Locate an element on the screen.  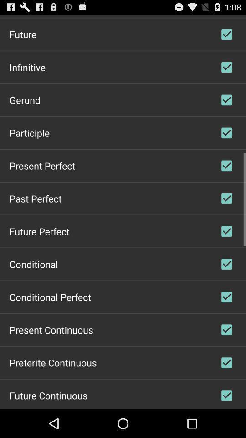
the conditional perfect item is located at coordinates (50, 296).